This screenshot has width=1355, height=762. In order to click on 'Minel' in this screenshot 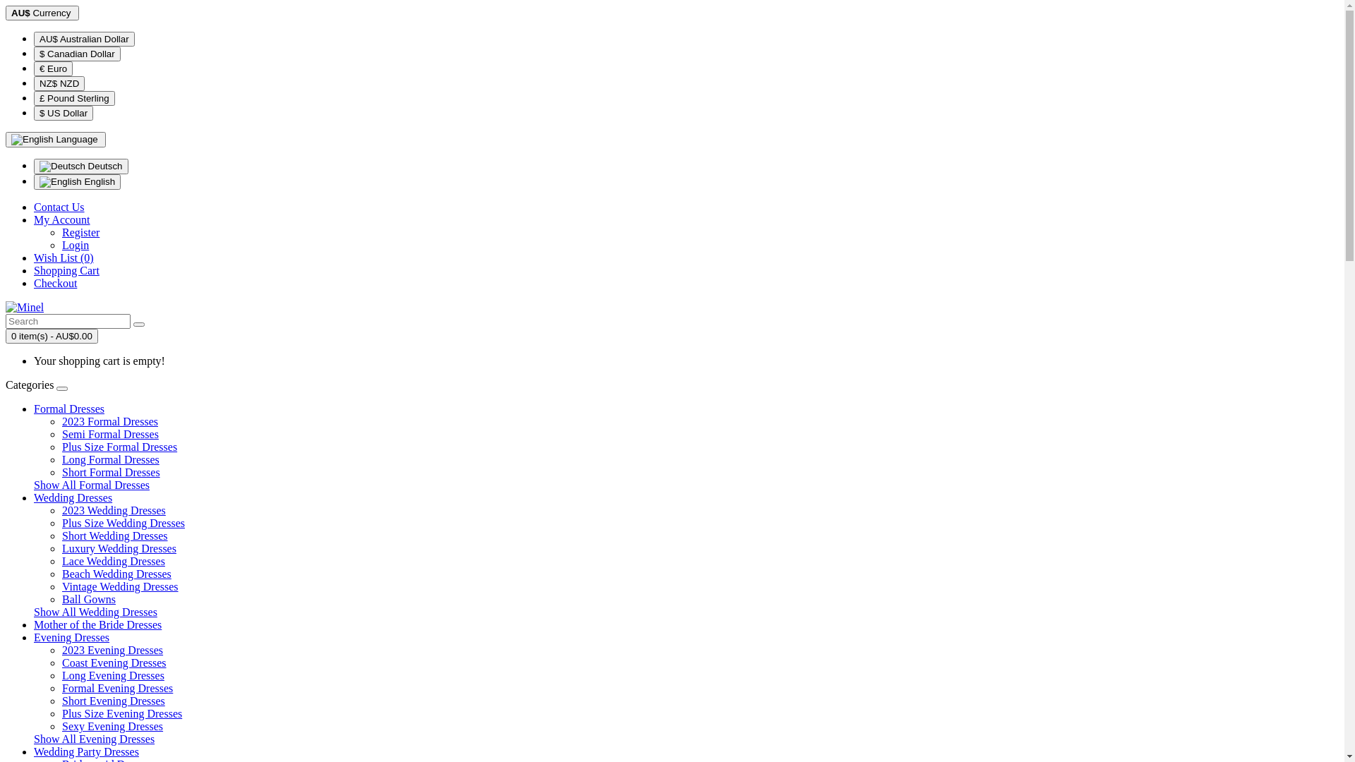, I will do `click(24, 306)`.